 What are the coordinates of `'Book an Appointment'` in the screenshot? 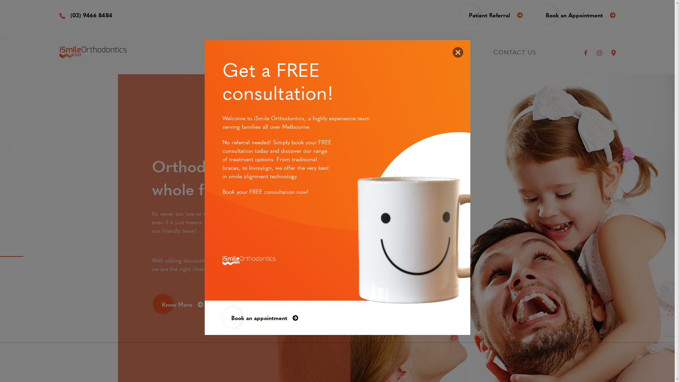 It's located at (580, 15).